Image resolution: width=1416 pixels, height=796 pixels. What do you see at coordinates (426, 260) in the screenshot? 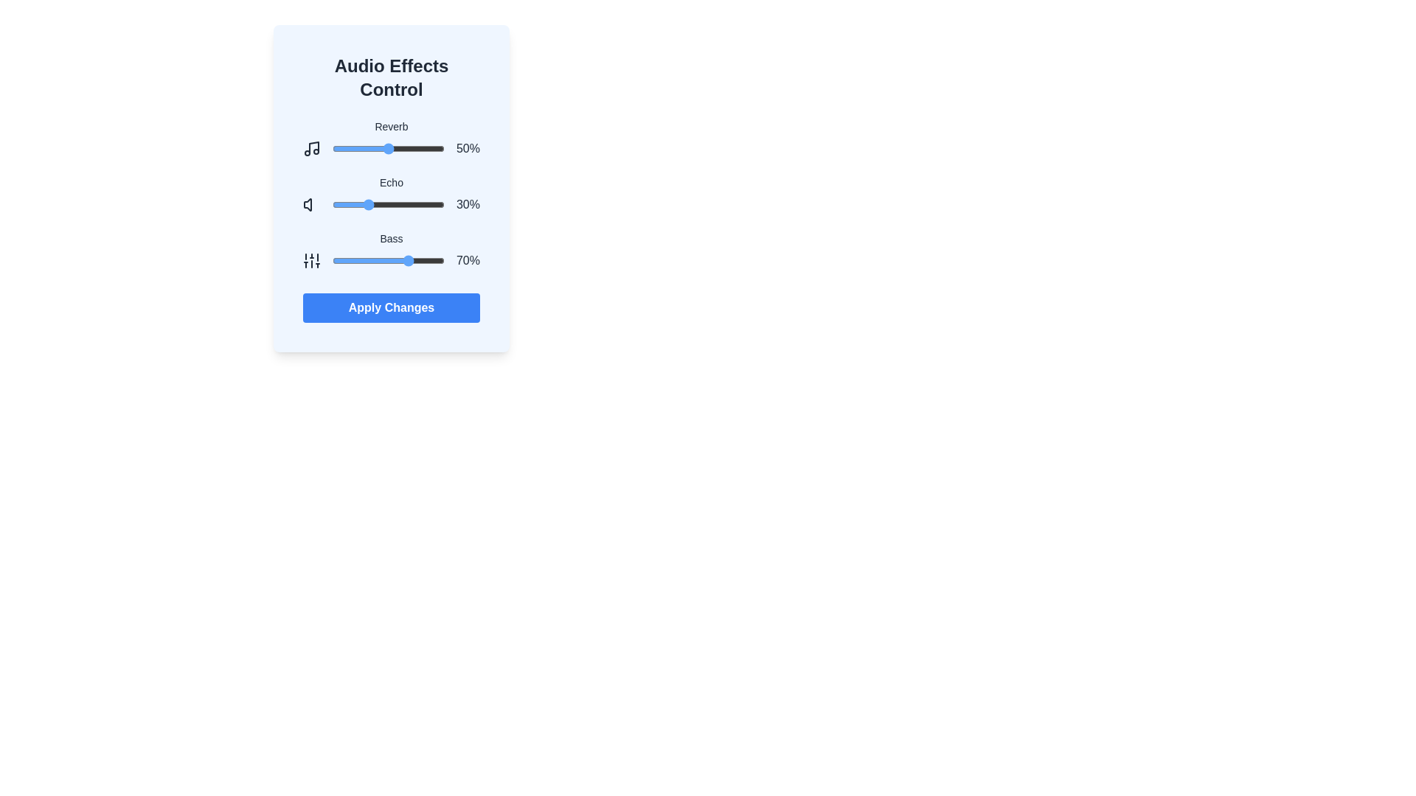
I see `bass` at bounding box center [426, 260].